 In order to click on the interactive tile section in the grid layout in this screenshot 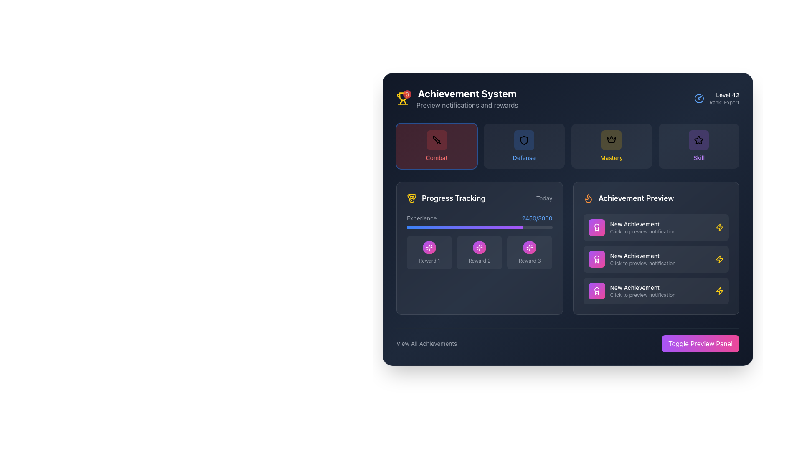, I will do `click(568, 146)`.